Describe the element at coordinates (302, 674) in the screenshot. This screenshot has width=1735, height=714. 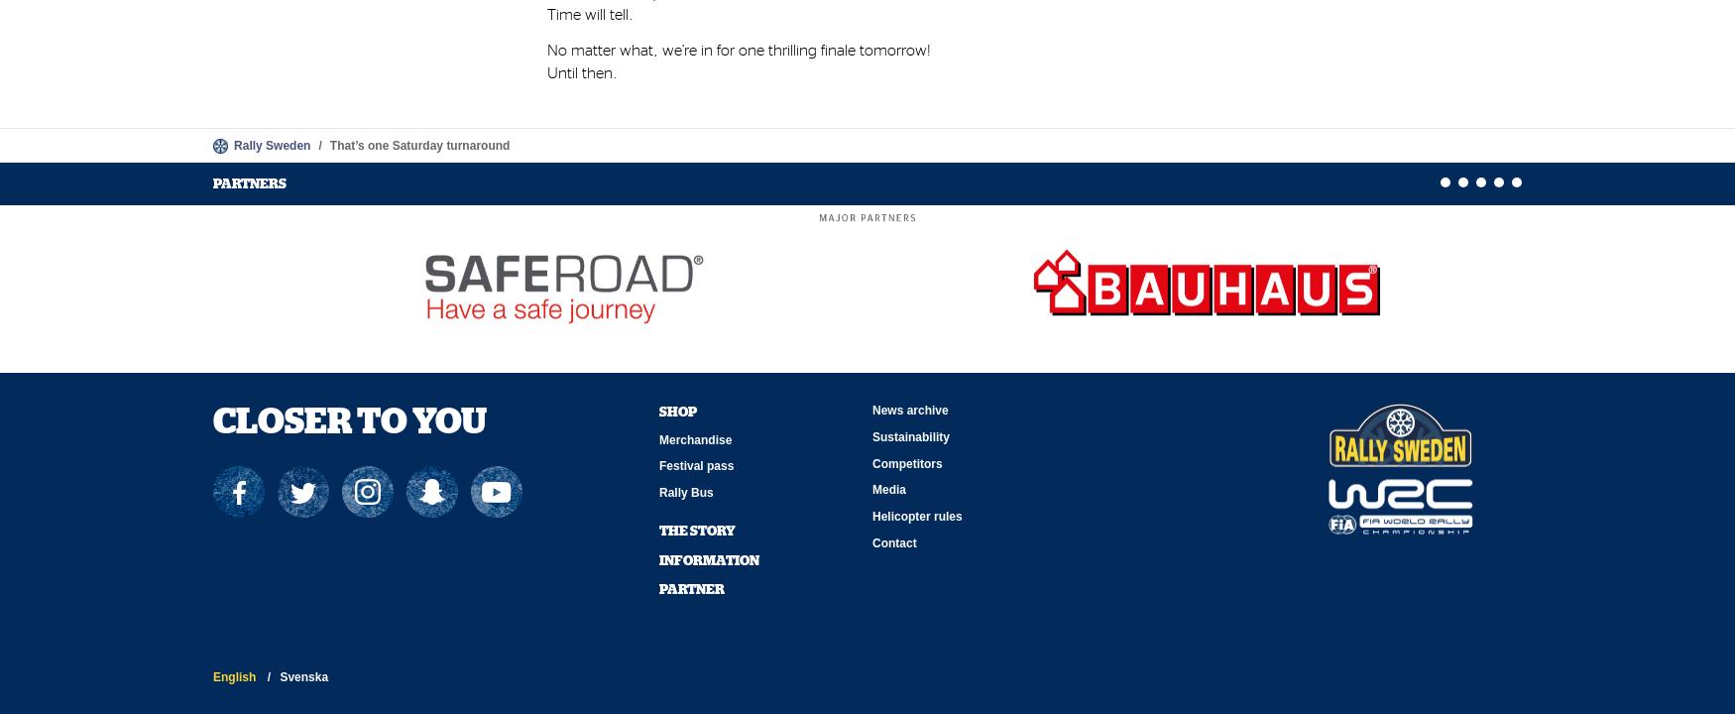
I see `'Svenska'` at that location.